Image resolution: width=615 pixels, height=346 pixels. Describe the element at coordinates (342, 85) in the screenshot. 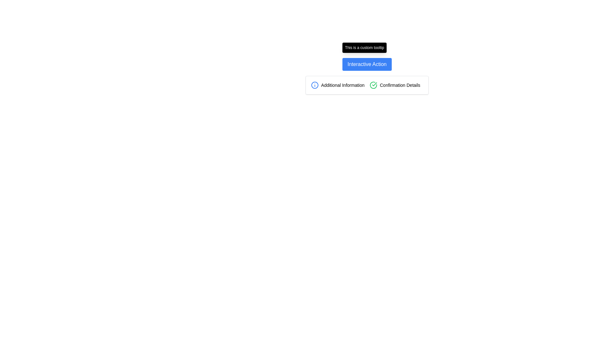

I see `the text label reading 'Additional Information', which is styled with a small font size and located next to an informational icon` at that location.